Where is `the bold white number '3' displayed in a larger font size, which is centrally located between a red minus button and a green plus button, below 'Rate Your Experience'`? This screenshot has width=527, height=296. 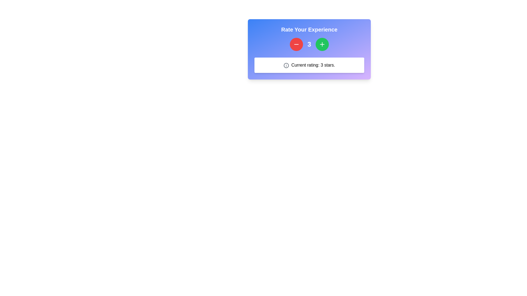 the bold white number '3' displayed in a larger font size, which is centrally located between a red minus button and a green plus button, below 'Rate Your Experience' is located at coordinates (309, 44).